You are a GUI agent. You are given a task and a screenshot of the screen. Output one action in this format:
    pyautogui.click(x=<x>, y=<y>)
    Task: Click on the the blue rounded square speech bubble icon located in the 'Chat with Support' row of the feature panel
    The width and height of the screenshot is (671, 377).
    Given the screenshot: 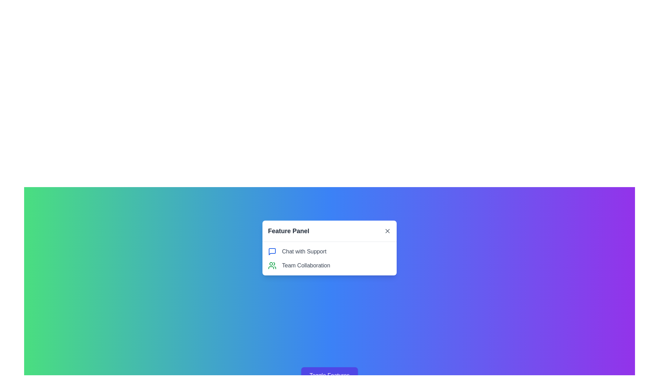 What is the action you would take?
    pyautogui.click(x=272, y=252)
    